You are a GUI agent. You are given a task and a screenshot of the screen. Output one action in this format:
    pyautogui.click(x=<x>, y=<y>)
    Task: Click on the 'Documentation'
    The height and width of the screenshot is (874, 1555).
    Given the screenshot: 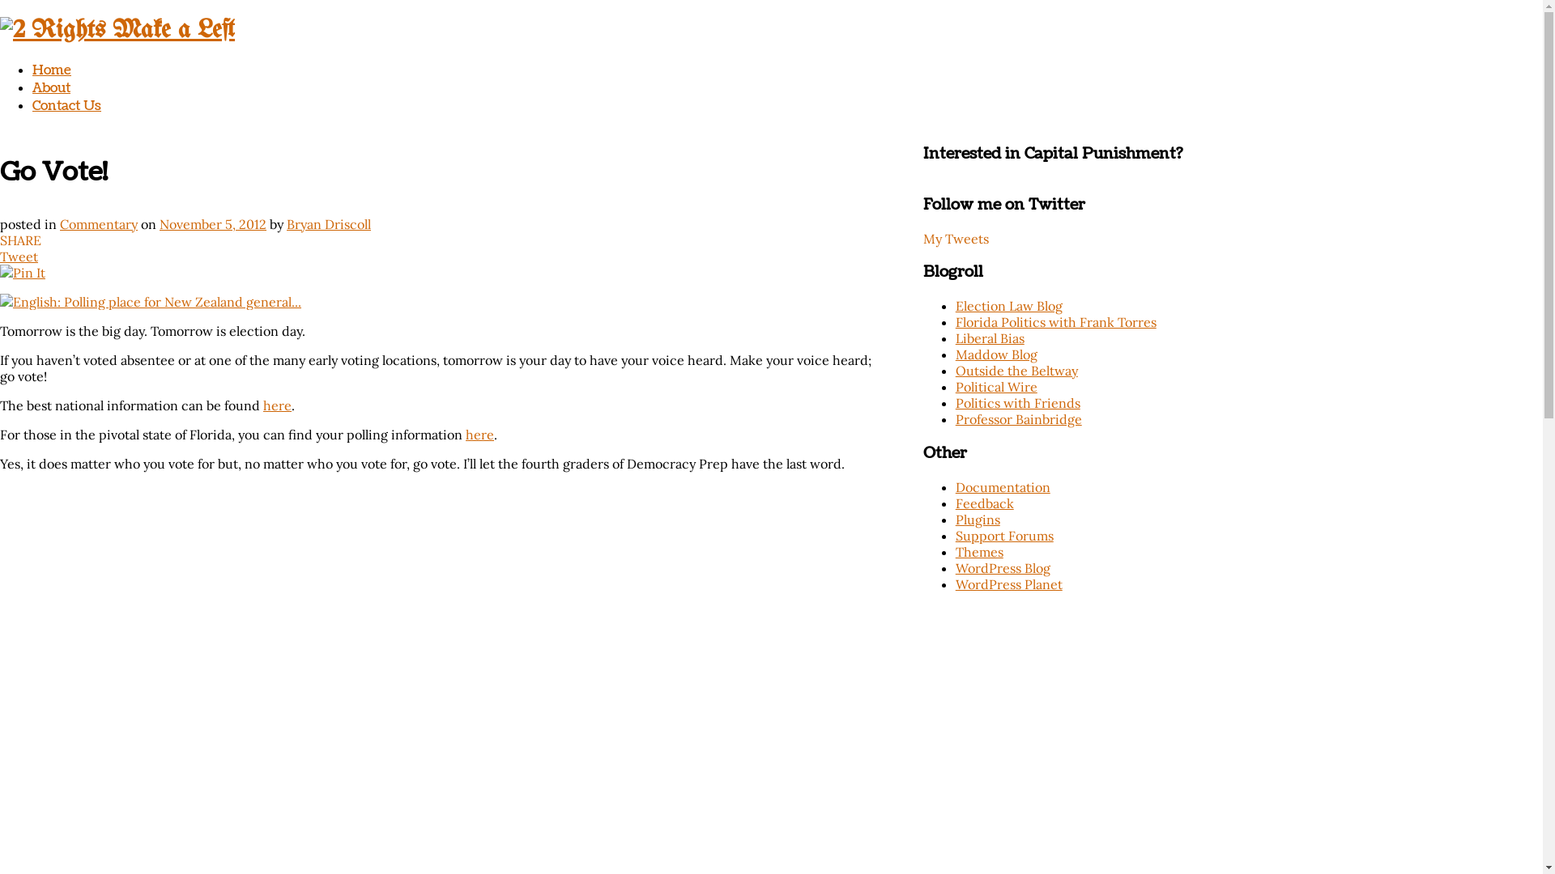 What is the action you would take?
    pyautogui.click(x=1002, y=486)
    